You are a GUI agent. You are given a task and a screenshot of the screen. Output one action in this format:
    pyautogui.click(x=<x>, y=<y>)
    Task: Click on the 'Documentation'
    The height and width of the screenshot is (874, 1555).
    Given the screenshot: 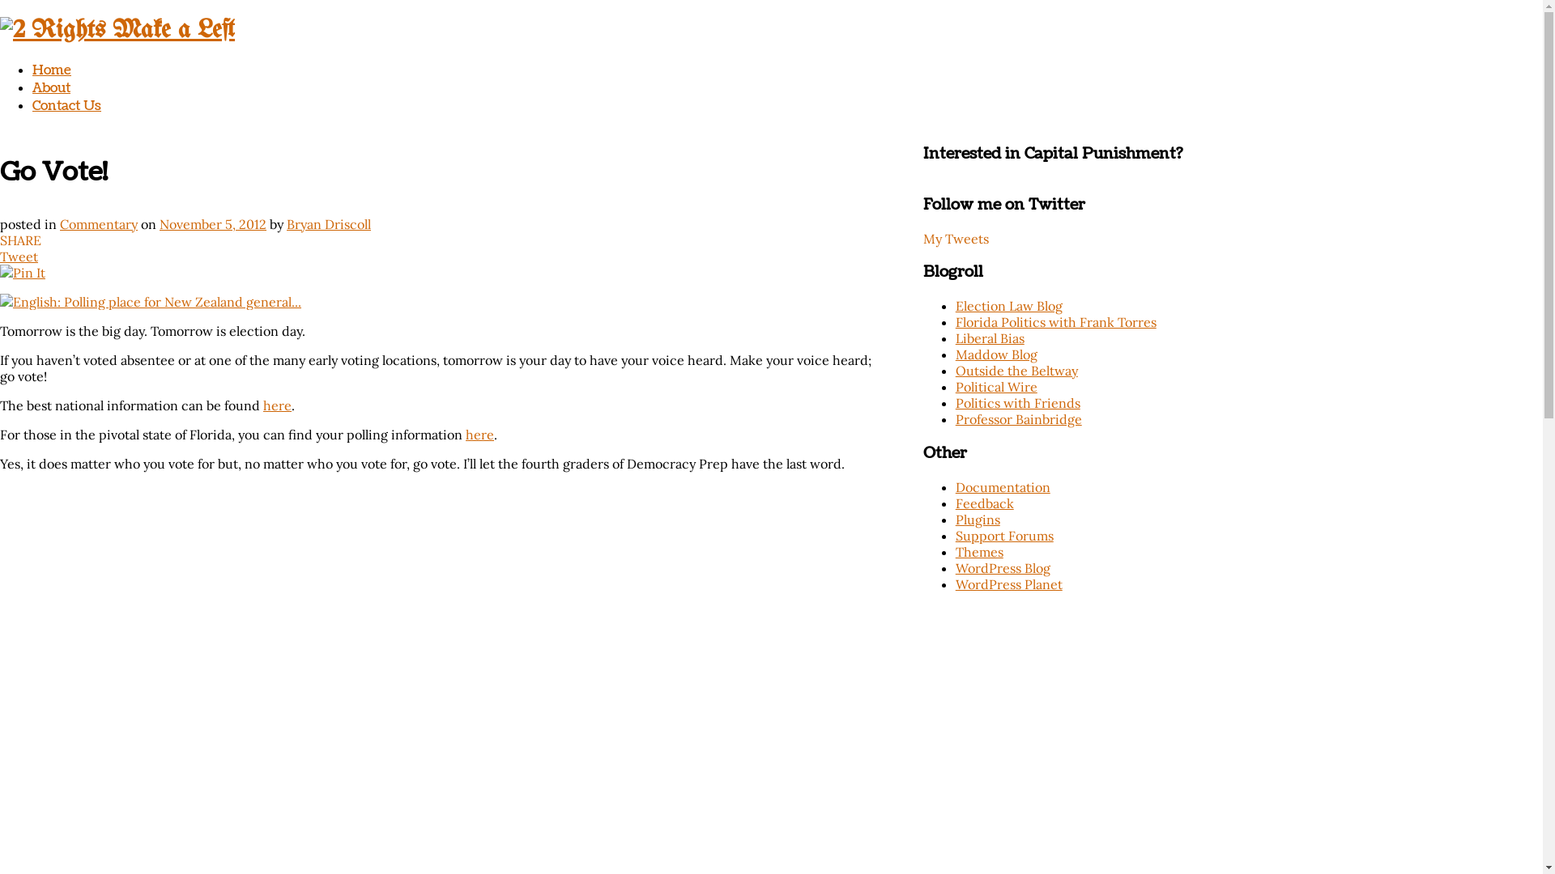 What is the action you would take?
    pyautogui.click(x=1002, y=486)
    